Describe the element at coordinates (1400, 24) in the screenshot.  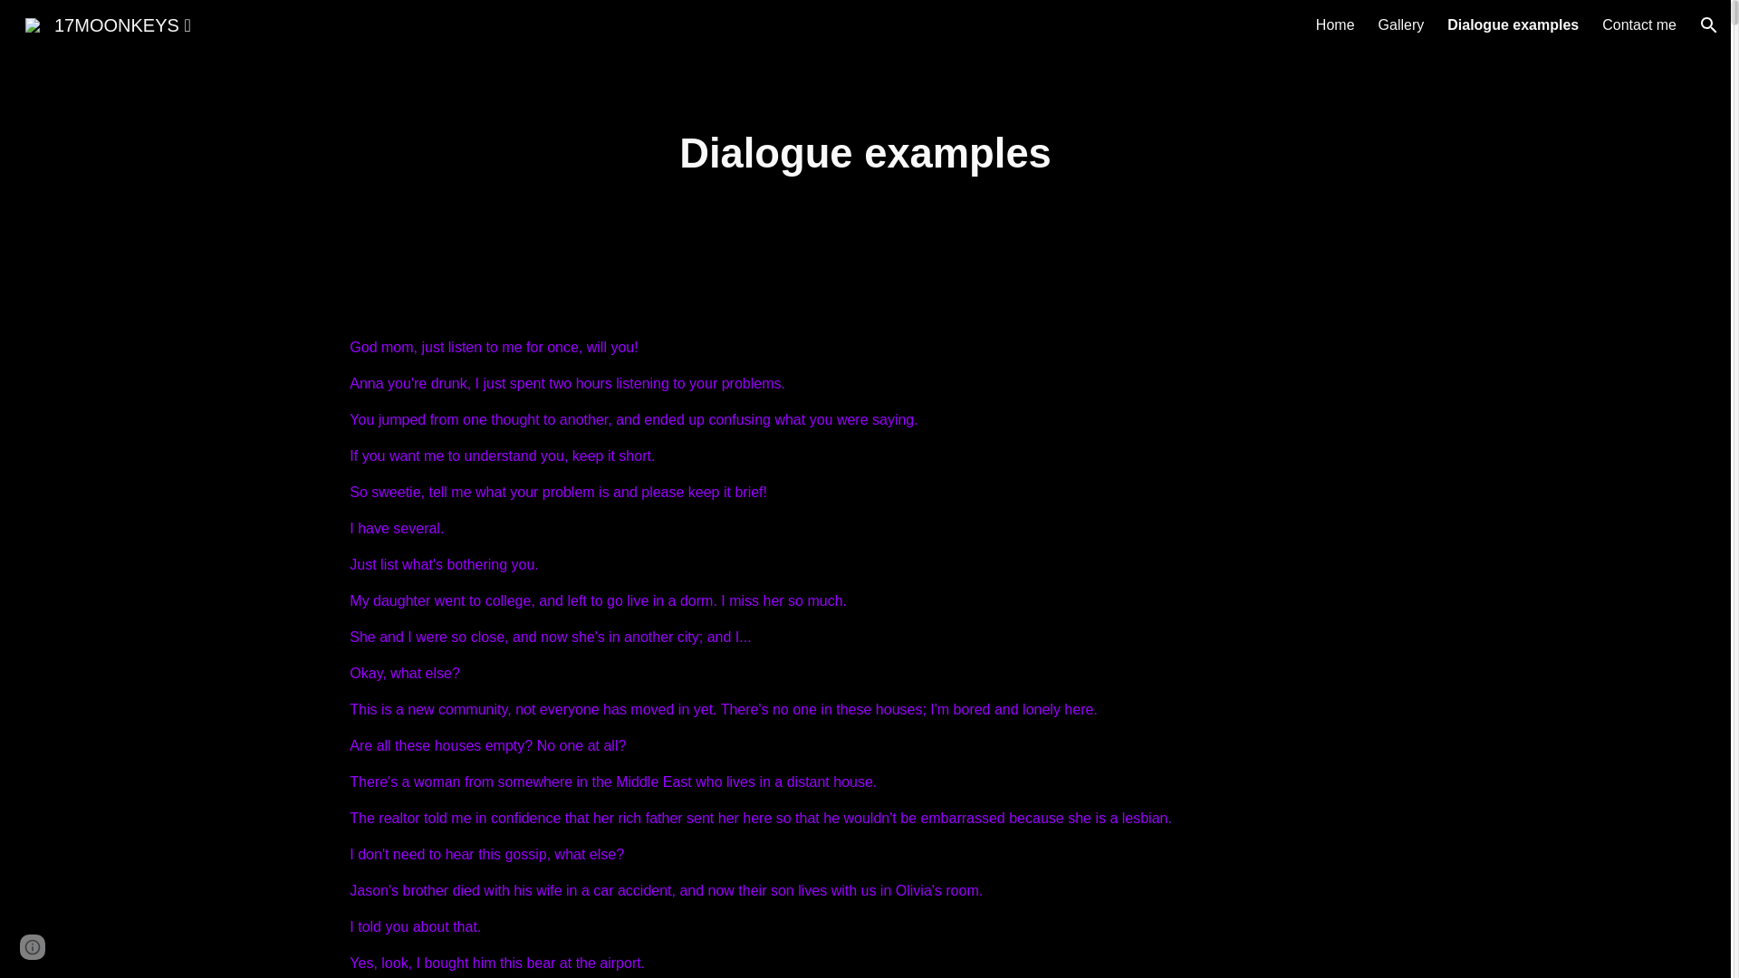
I see `'Gallery'` at that location.